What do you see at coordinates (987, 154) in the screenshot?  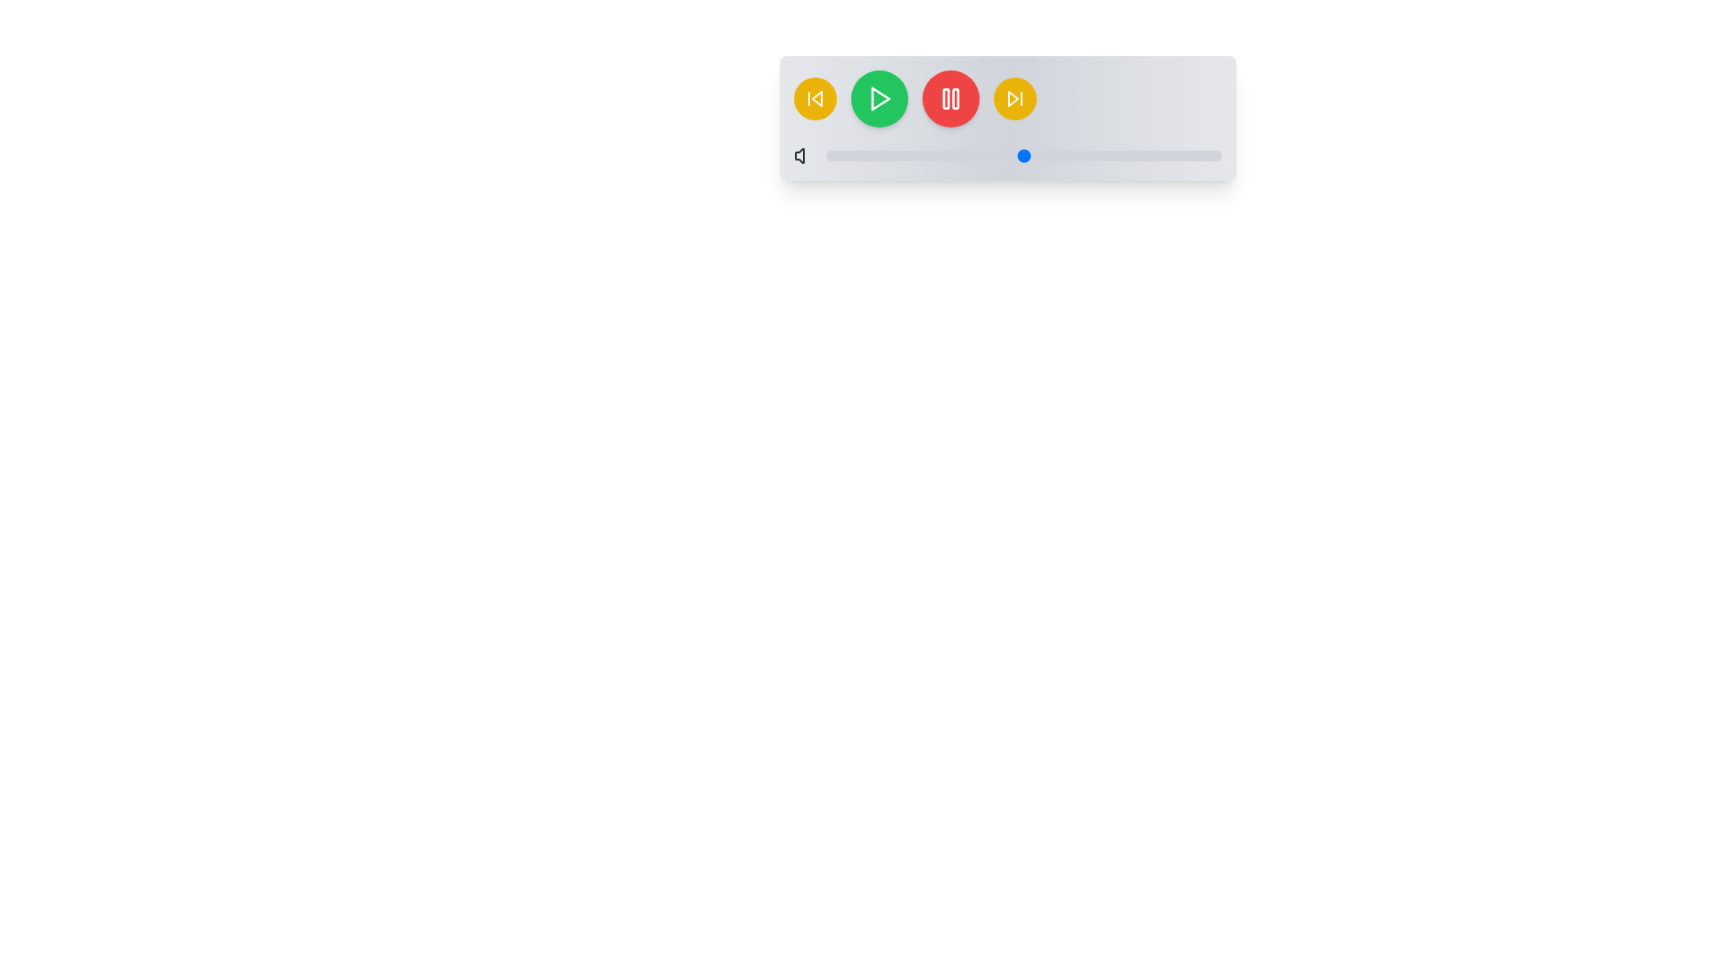 I see `the slider` at bounding box center [987, 154].